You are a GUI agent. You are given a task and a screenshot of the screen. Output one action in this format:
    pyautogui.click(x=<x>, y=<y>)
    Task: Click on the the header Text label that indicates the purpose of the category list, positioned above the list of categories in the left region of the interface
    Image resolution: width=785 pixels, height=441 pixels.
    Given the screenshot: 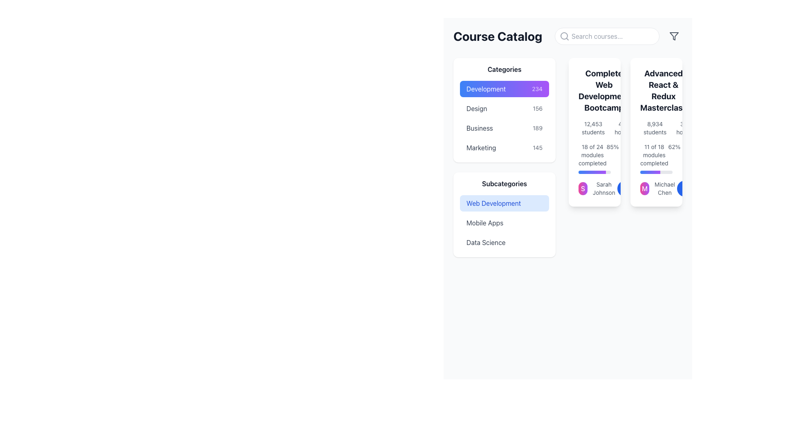 What is the action you would take?
    pyautogui.click(x=504, y=69)
    